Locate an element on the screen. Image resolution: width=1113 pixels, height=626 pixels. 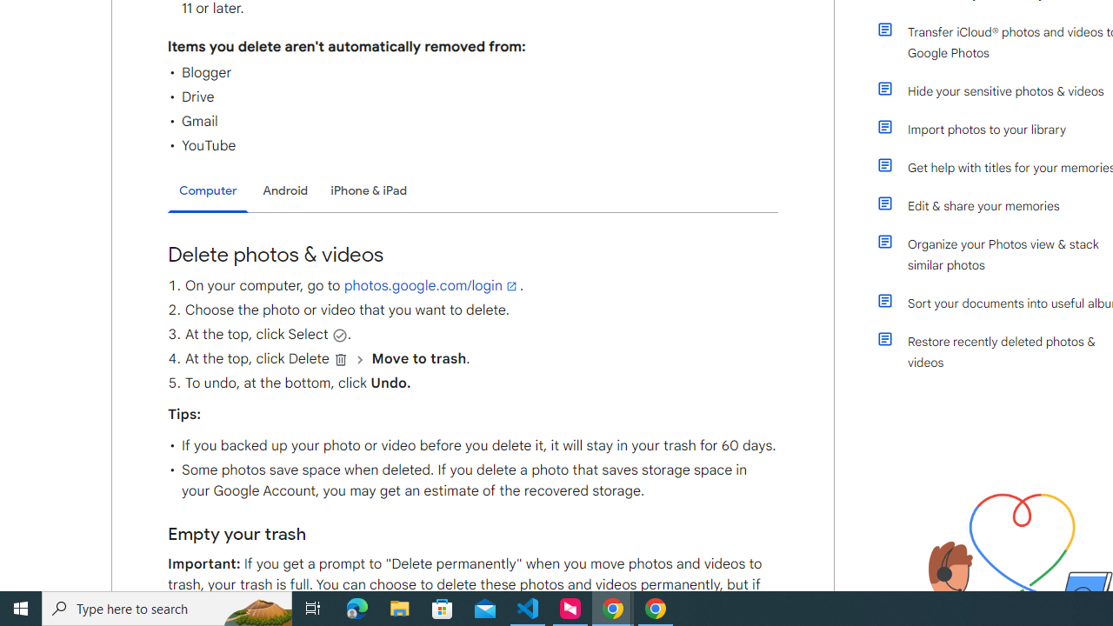
'Computer' is located at coordinates (208, 191).